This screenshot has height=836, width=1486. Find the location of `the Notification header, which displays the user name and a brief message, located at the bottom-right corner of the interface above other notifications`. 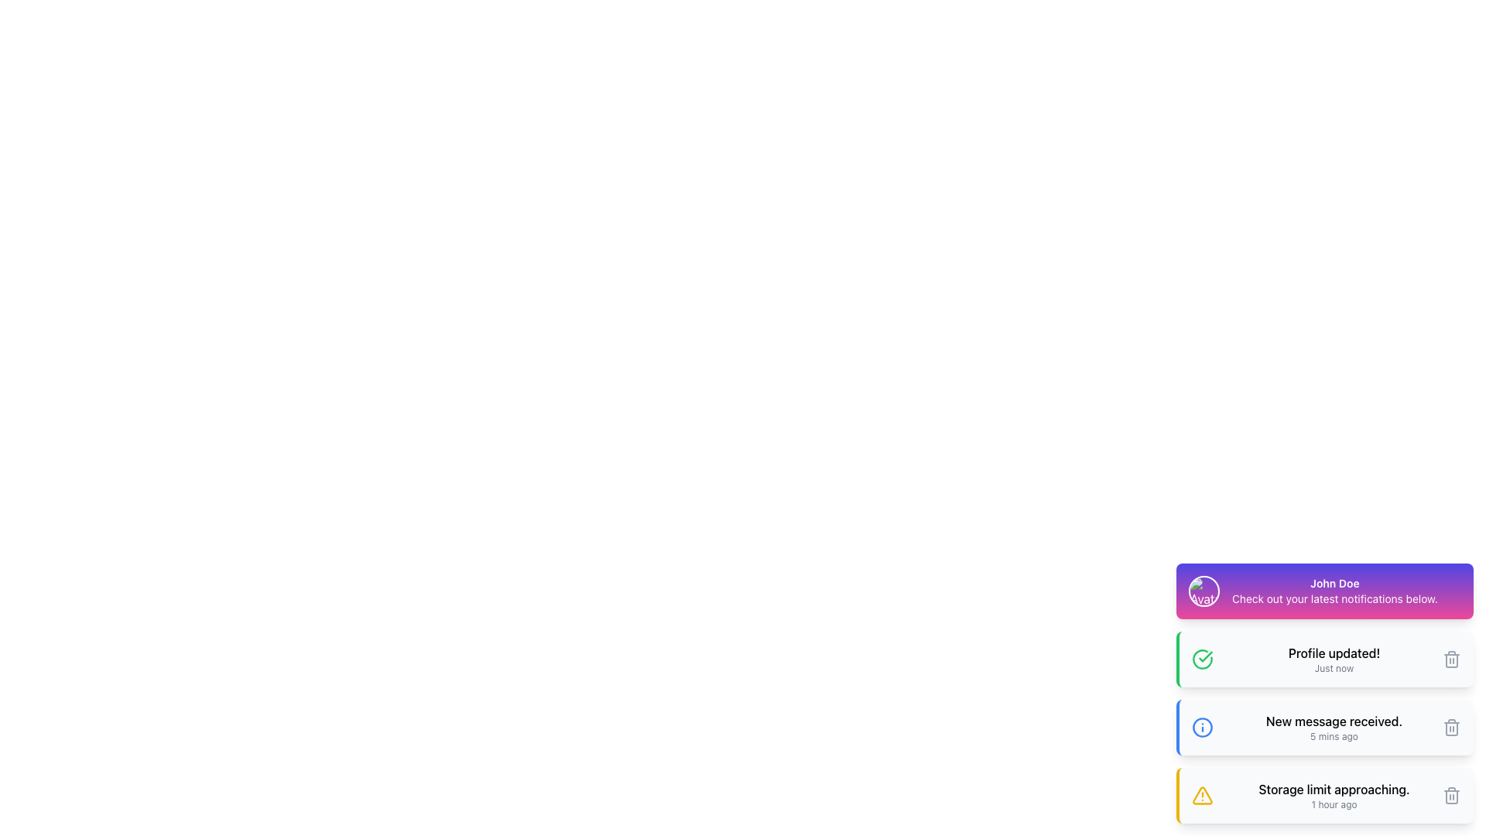

the Notification header, which displays the user name and a brief message, located at the bottom-right corner of the interface above other notifications is located at coordinates (1324, 591).